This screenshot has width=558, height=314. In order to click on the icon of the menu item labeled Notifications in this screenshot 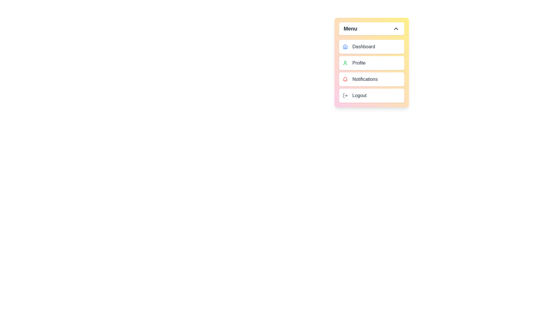, I will do `click(345, 79)`.